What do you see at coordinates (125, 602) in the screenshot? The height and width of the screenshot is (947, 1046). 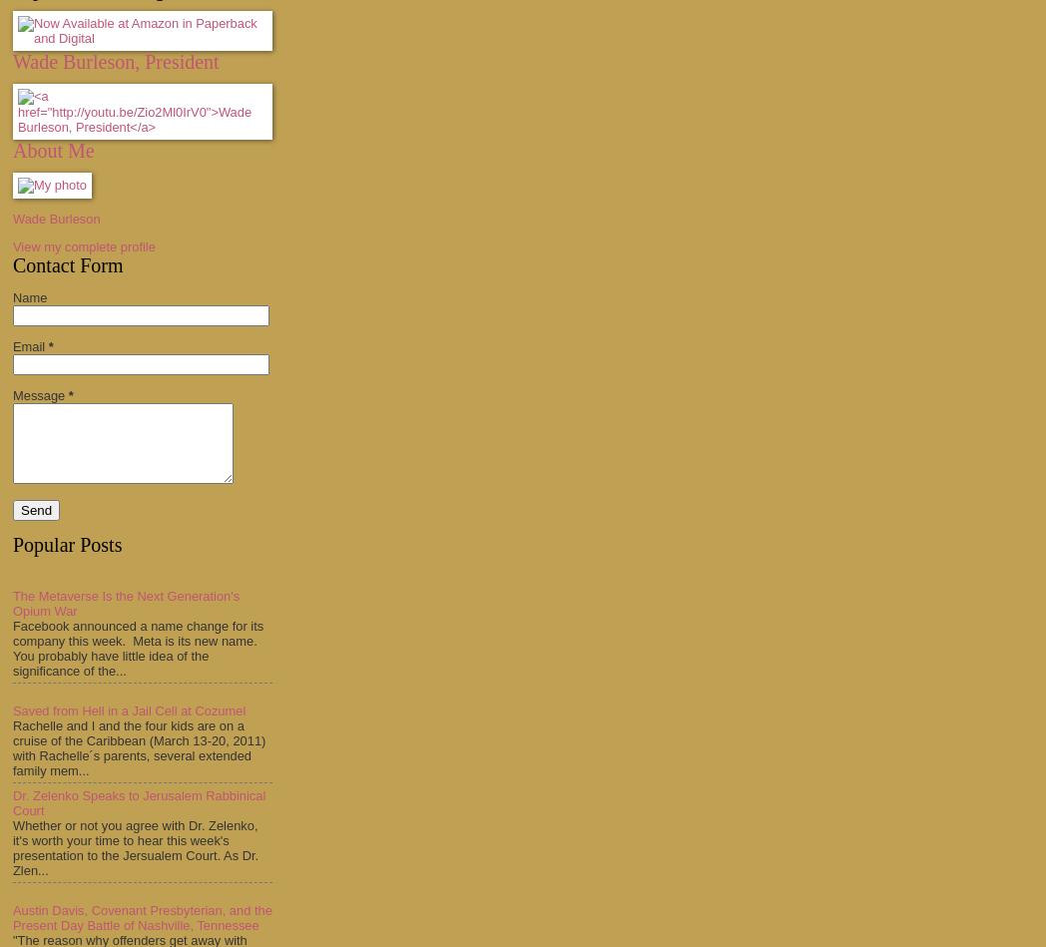 I see `'The Metaverse Is the Next Generation's Opium War'` at bounding box center [125, 602].